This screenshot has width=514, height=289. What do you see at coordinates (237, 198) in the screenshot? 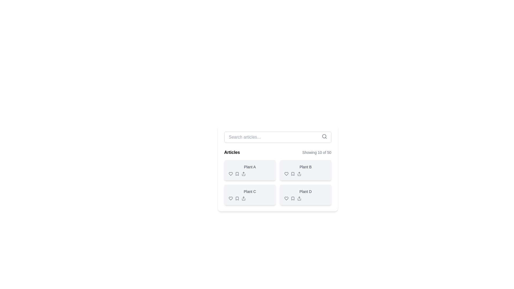
I see `the second icon from the left in the lower row of the 'Articles' section card grid for 'Plant C'` at bounding box center [237, 198].